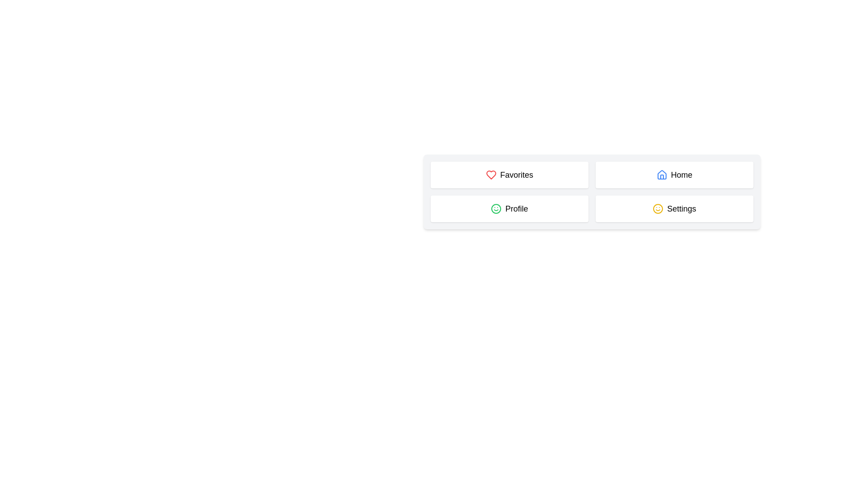 The width and height of the screenshot is (856, 481). Describe the element at coordinates (681, 209) in the screenshot. I see `the text label that represents a clickable button for navigating to the settings functionality, located in the bottom right corner of a 2x2 grid layout` at that location.